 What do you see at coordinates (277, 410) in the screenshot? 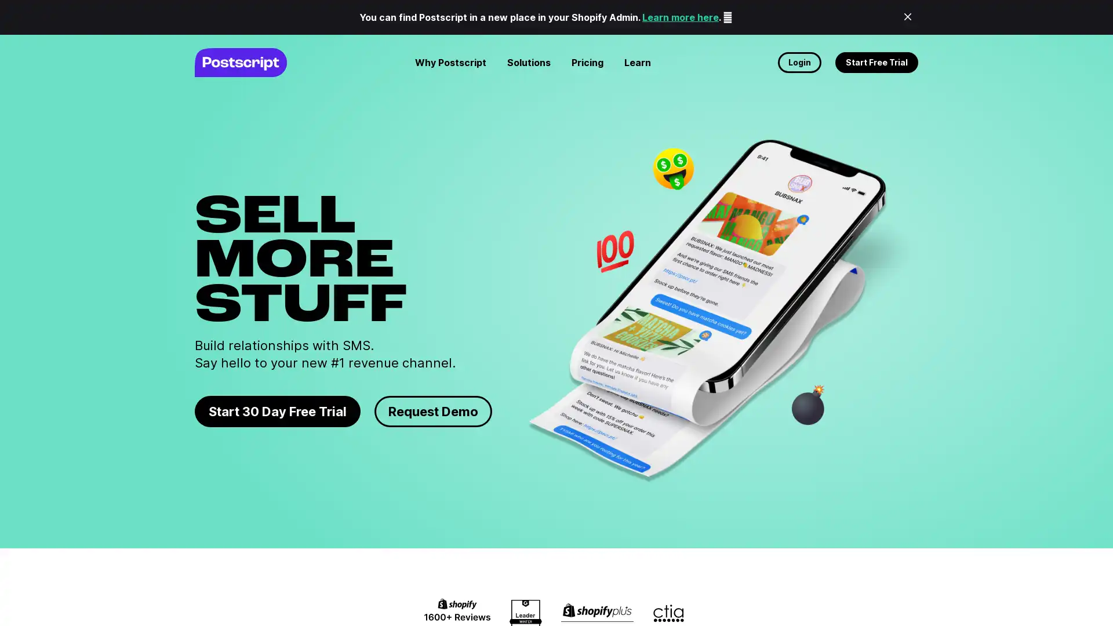
I see `Start 30 Day Free Trial` at bounding box center [277, 410].